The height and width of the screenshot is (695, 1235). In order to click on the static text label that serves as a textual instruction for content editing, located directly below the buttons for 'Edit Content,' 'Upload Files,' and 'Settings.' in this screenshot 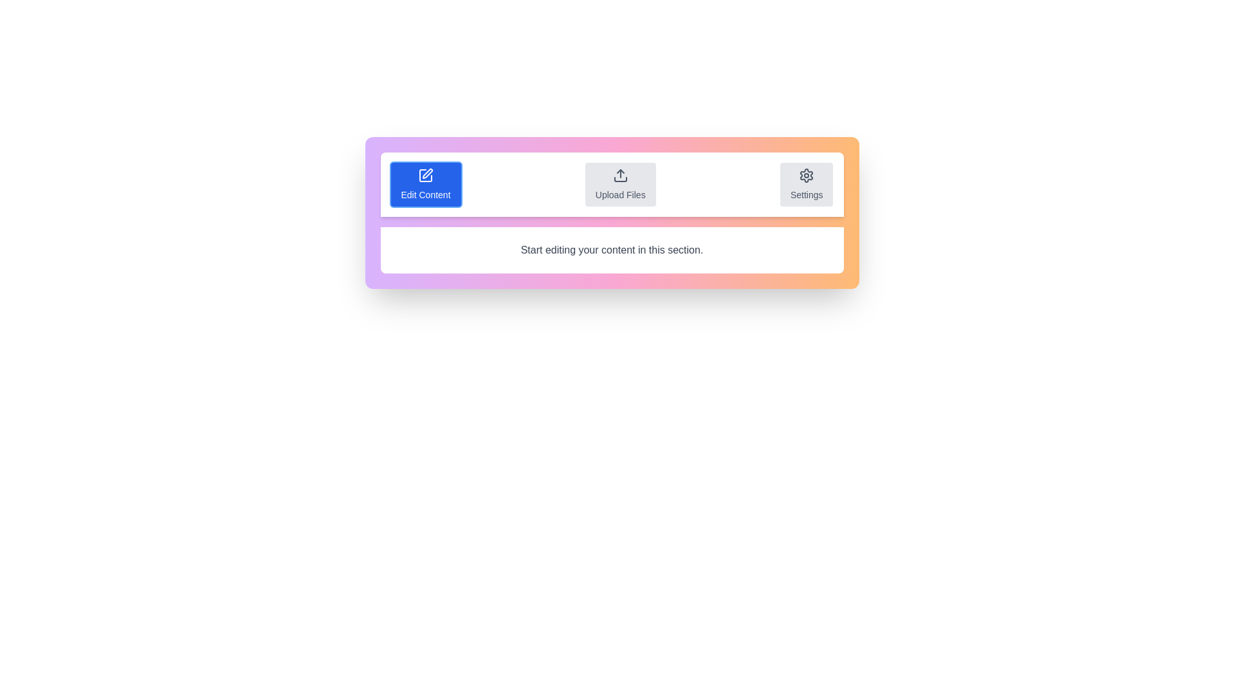, I will do `click(611, 250)`.